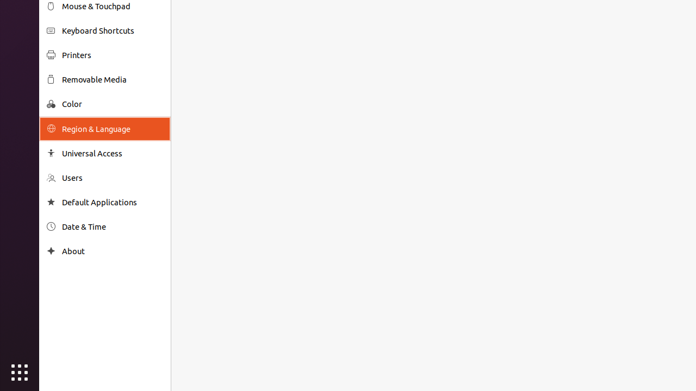  I want to click on 'Default Applications', so click(112, 202).